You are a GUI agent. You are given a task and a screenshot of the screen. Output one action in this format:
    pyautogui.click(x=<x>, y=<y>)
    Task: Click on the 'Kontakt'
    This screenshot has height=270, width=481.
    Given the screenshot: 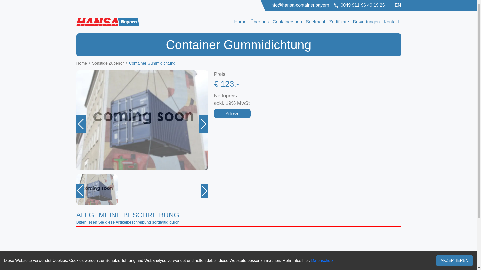 What is the action you would take?
    pyautogui.click(x=381, y=22)
    